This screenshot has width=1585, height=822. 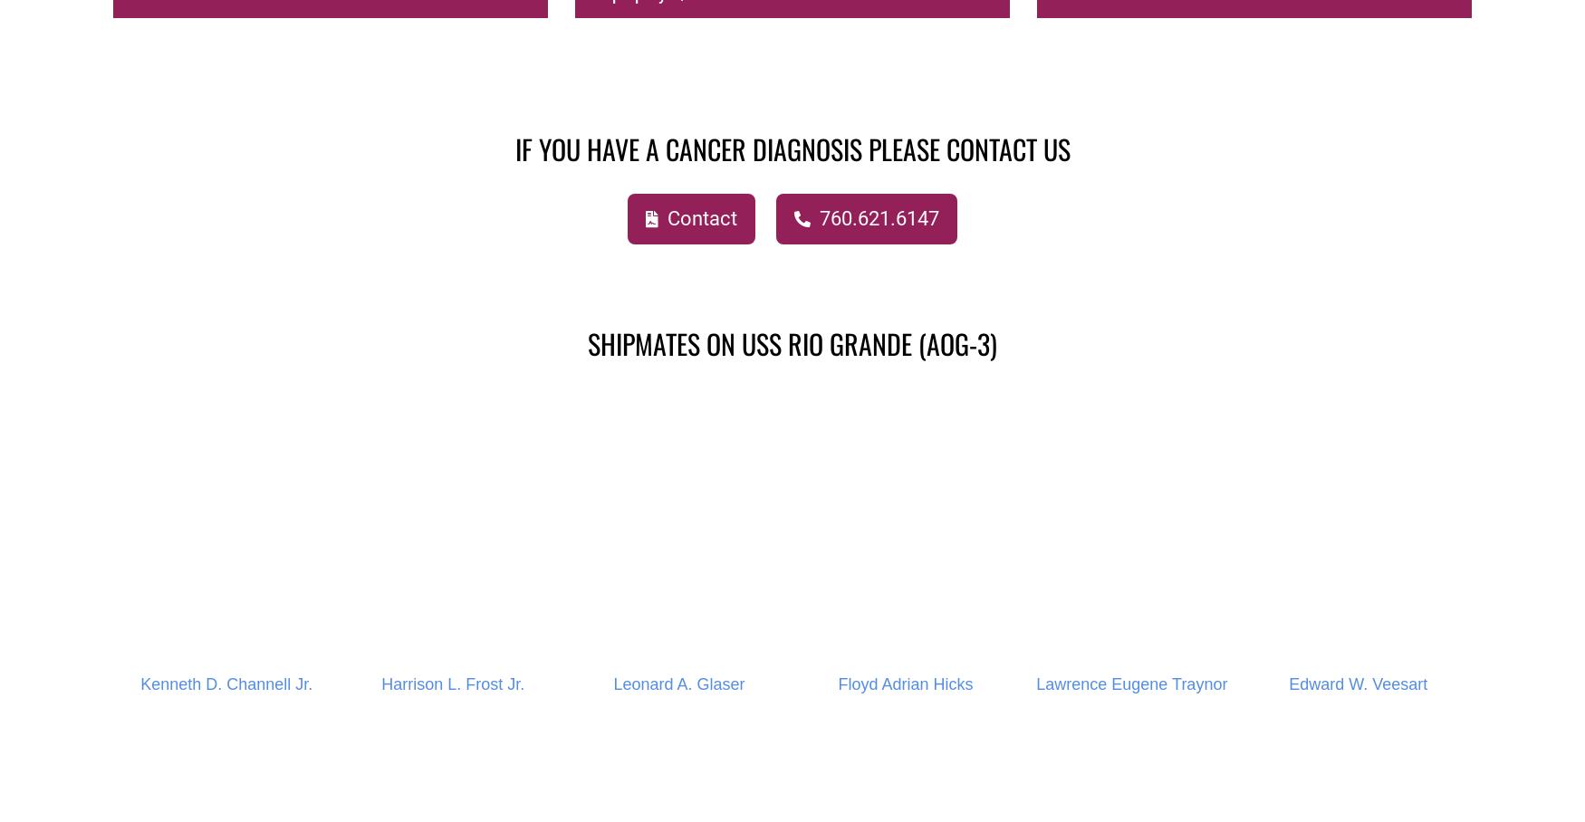 I want to click on 'Edward W. Veesart', so click(x=1358, y=683).